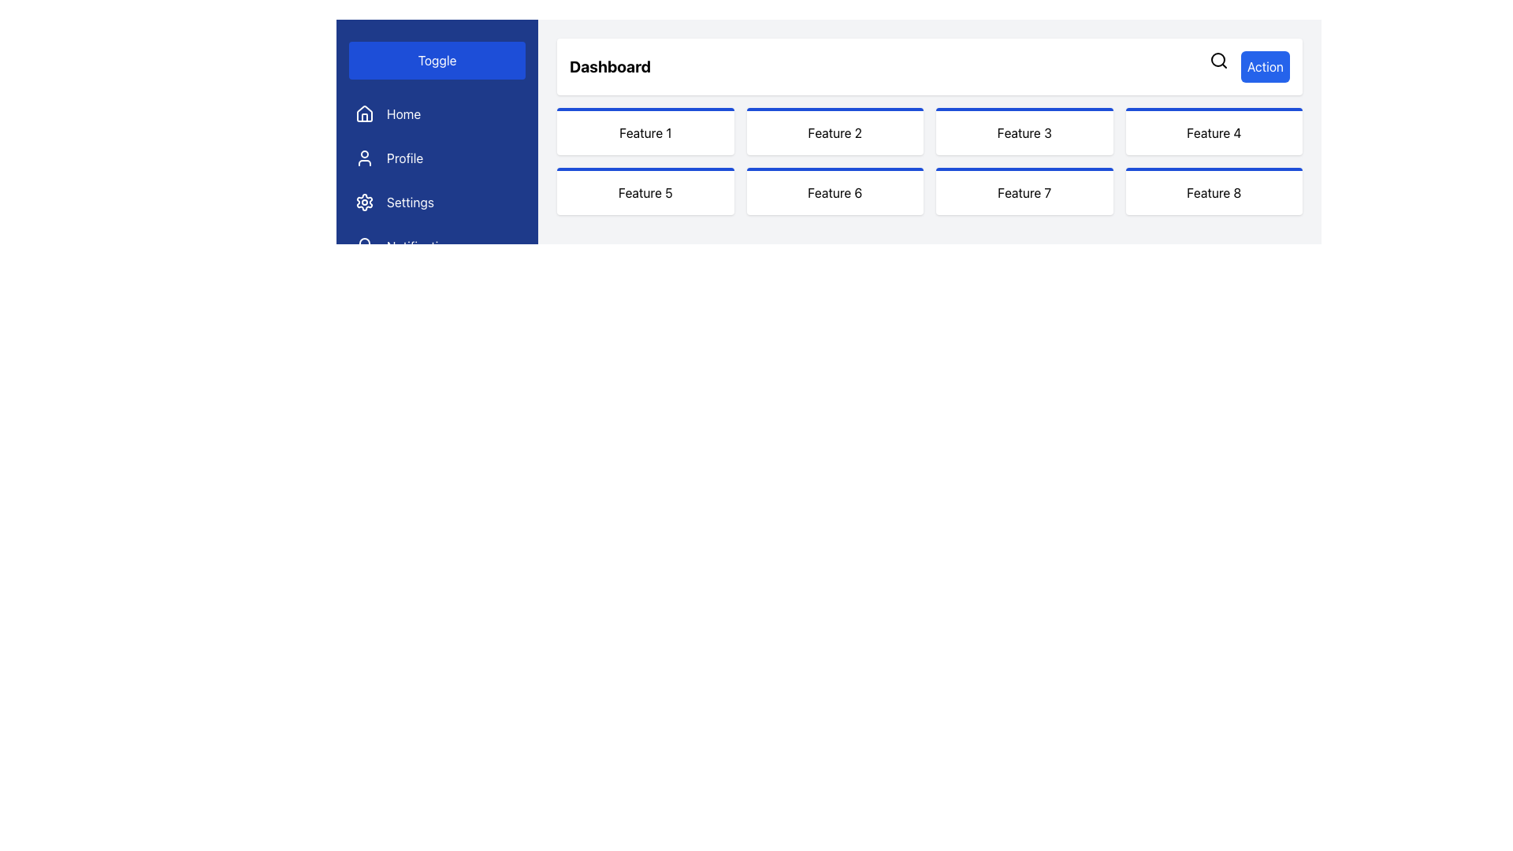 The image size is (1513, 851). I want to click on the magnifying glass icon located to the left of the 'Action' button, so click(1217, 60).